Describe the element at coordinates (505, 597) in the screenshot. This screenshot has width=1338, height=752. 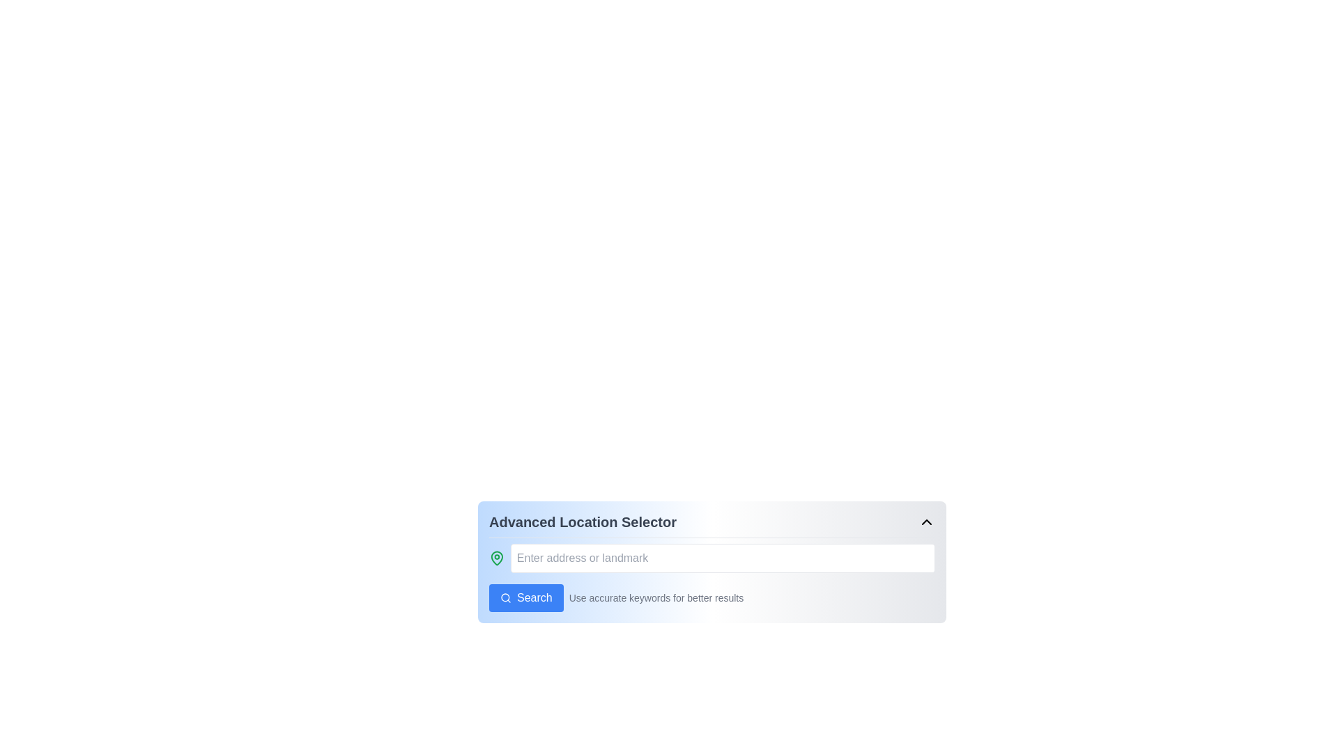
I see `the blue 'Search' button containing the search icon` at that location.